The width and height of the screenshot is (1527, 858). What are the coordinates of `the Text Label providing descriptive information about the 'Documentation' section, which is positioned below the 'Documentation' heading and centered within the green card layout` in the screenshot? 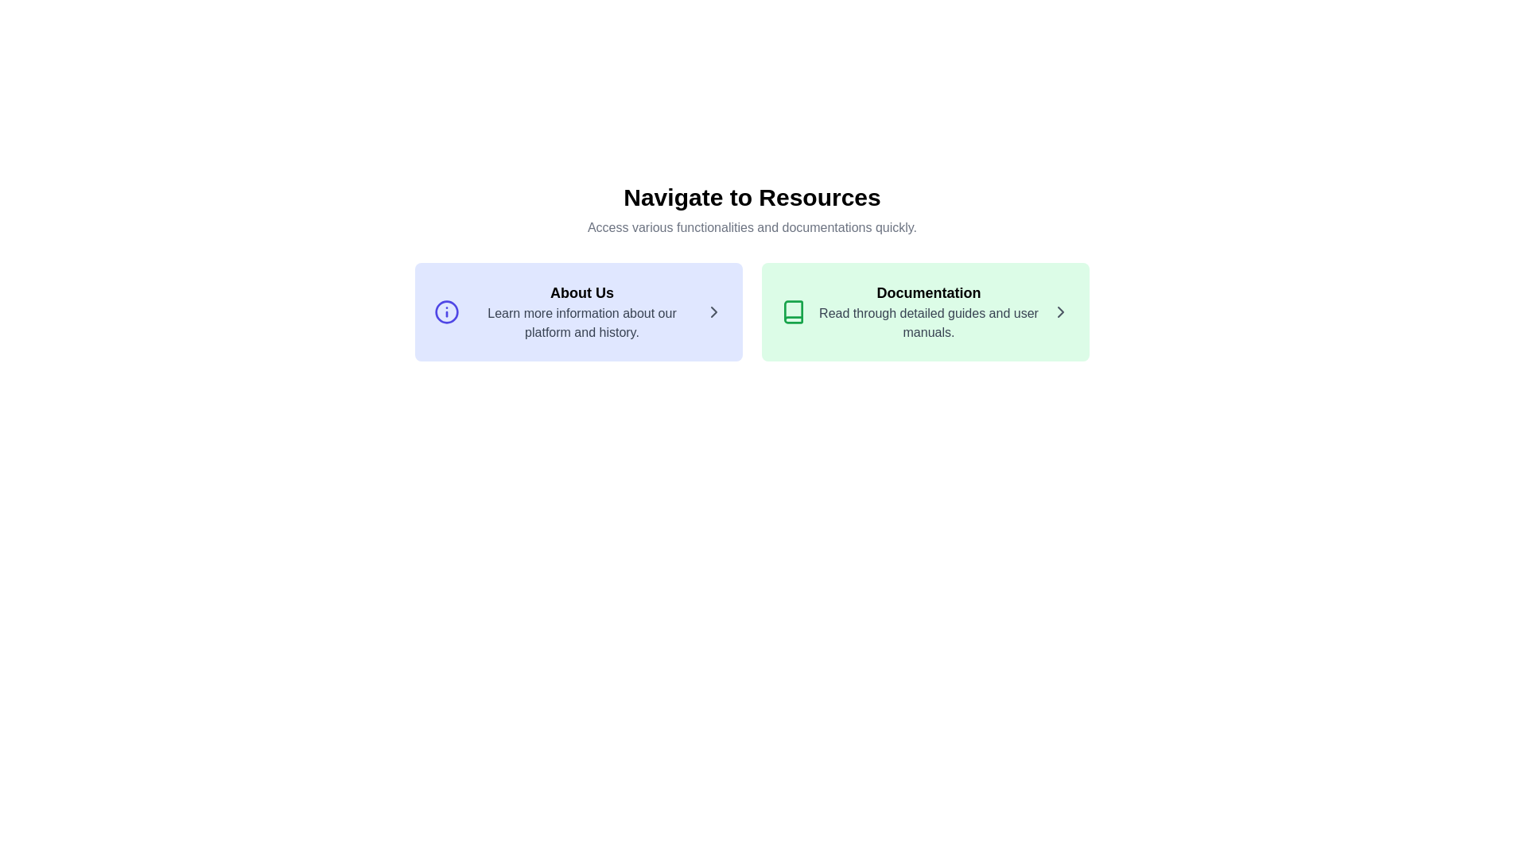 It's located at (928, 323).